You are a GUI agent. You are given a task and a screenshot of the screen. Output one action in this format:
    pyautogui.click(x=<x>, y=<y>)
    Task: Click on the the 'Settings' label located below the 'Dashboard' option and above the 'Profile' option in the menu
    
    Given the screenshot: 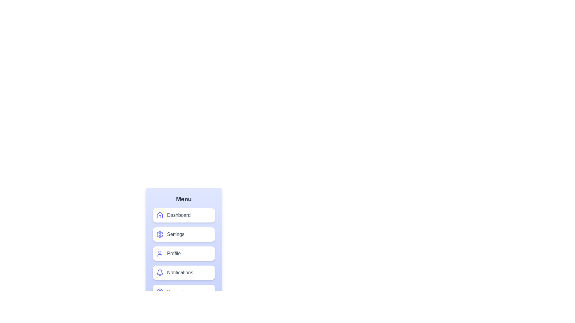 What is the action you would take?
    pyautogui.click(x=175, y=234)
    